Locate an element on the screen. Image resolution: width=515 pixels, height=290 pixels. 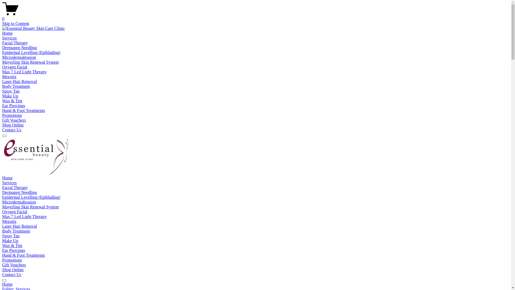
'Mayerling Skin Renewal System' is located at coordinates (30, 206).